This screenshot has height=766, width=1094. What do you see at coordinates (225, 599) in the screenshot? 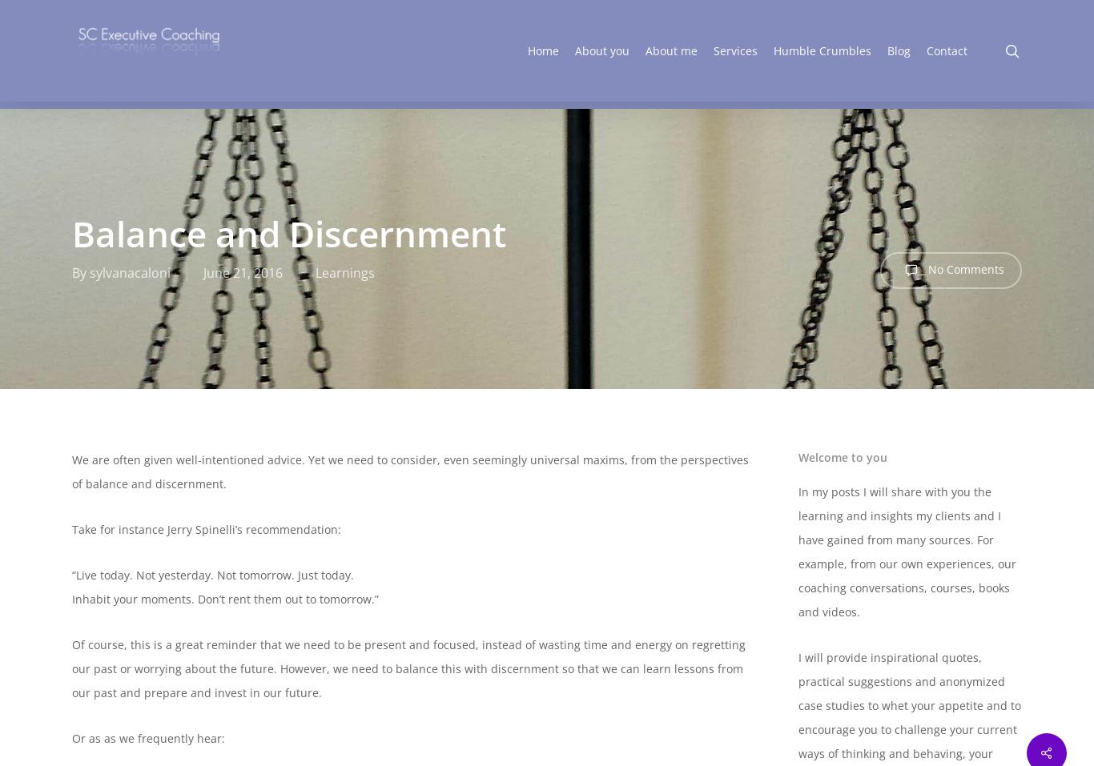
I see `'Inhabit your moments. Don’t rent them out to tomorrow.”'` at bounding box center [225, 599].